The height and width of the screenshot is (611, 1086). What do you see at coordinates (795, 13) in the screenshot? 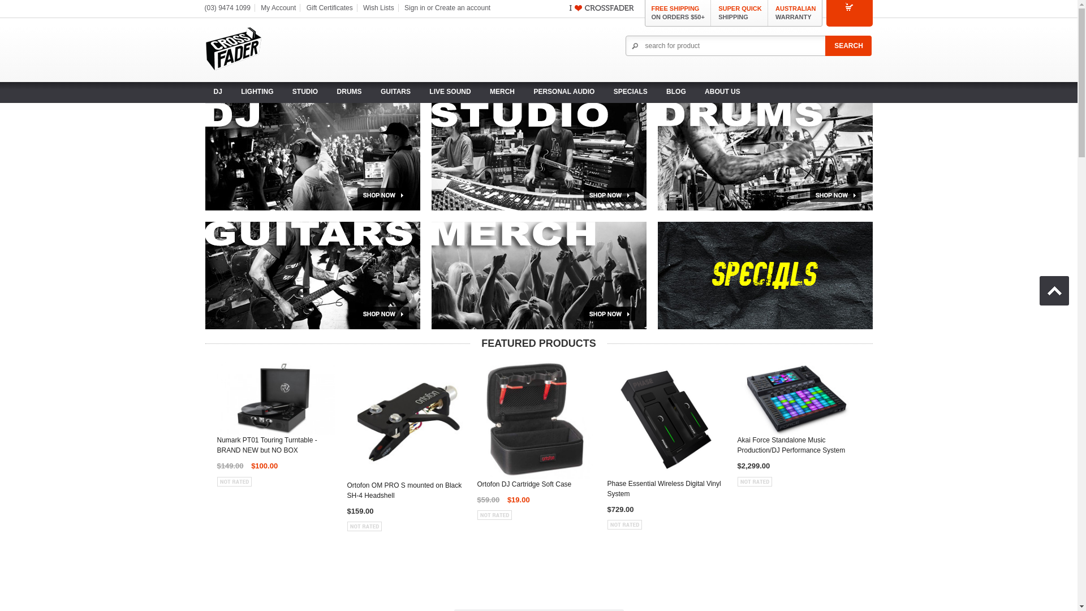
I see `'AUSTRALIAN` at bounding box center [795, 13].